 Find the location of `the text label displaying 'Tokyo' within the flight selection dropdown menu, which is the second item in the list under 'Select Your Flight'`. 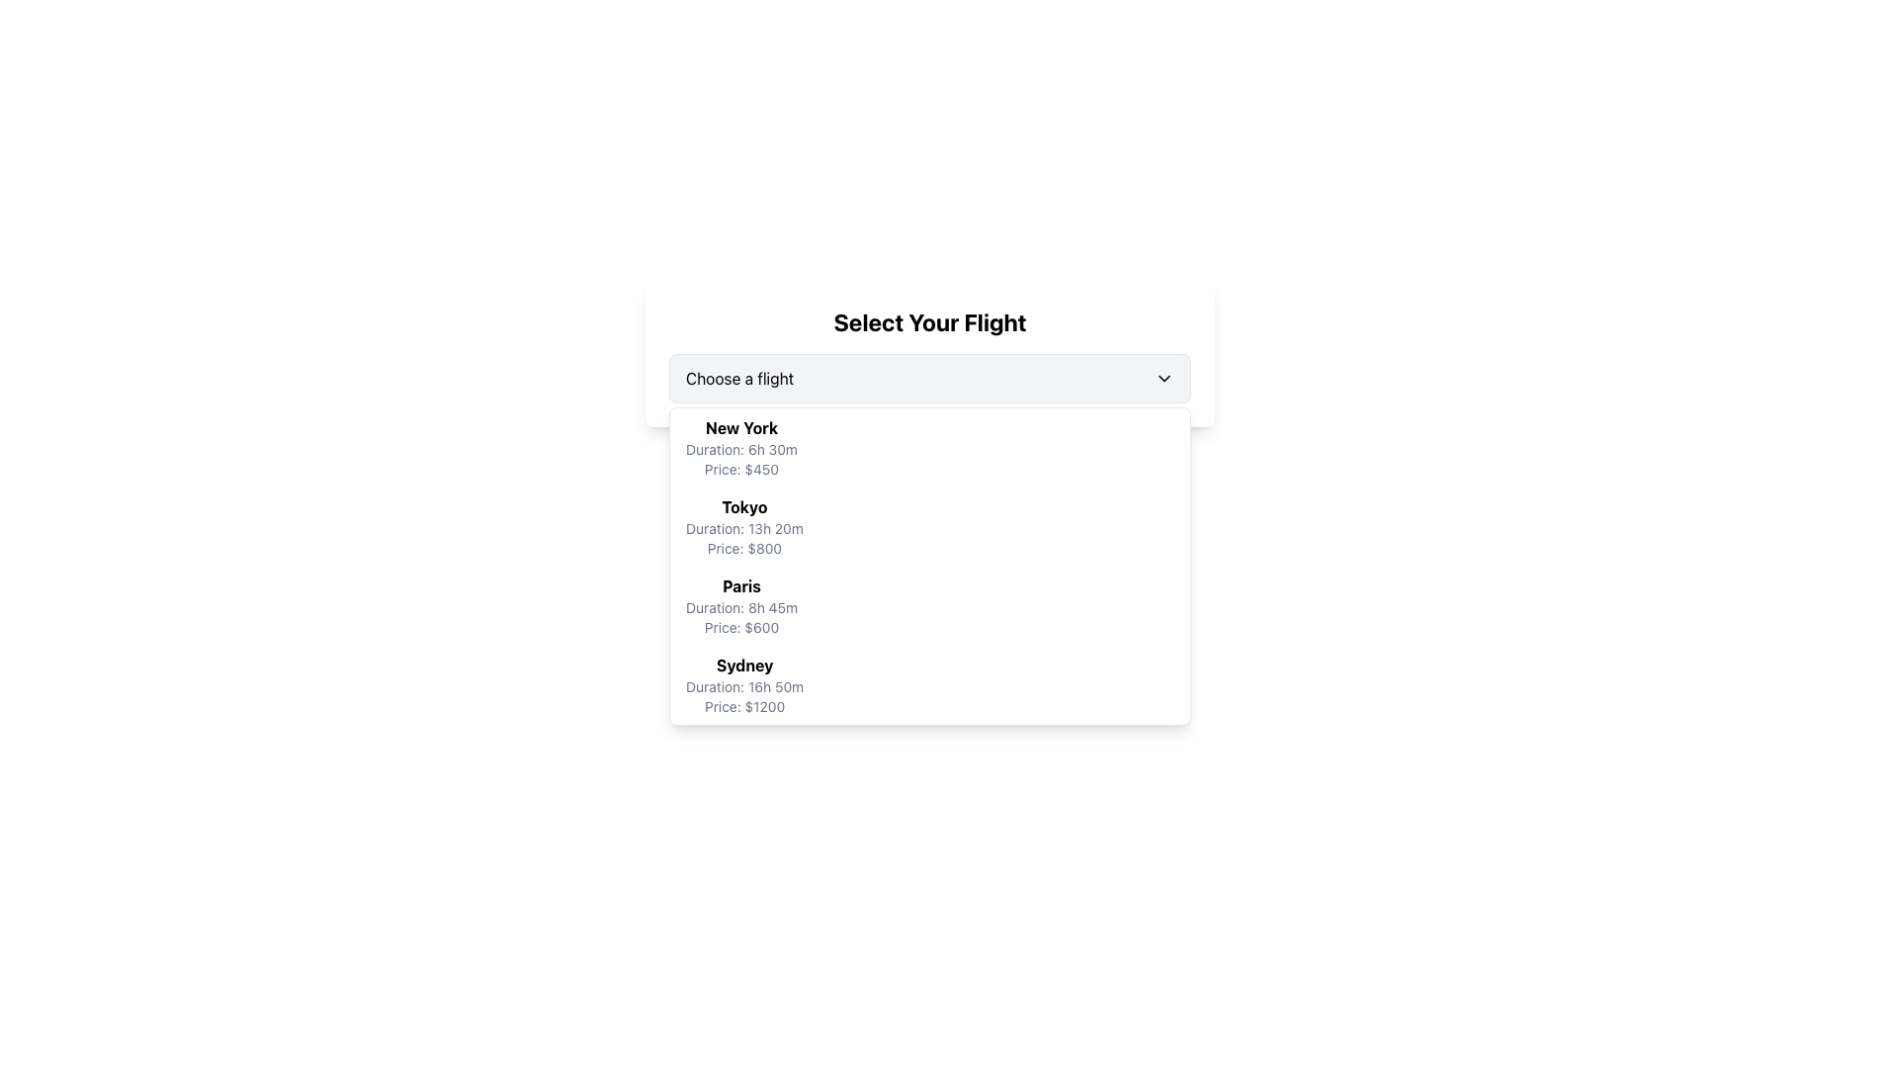

the text label displaying 'Tokyo' within the flight selection dropdown menu, which is the second item in the list under 'Select Your Flight' is located at coordinates (743, 506).